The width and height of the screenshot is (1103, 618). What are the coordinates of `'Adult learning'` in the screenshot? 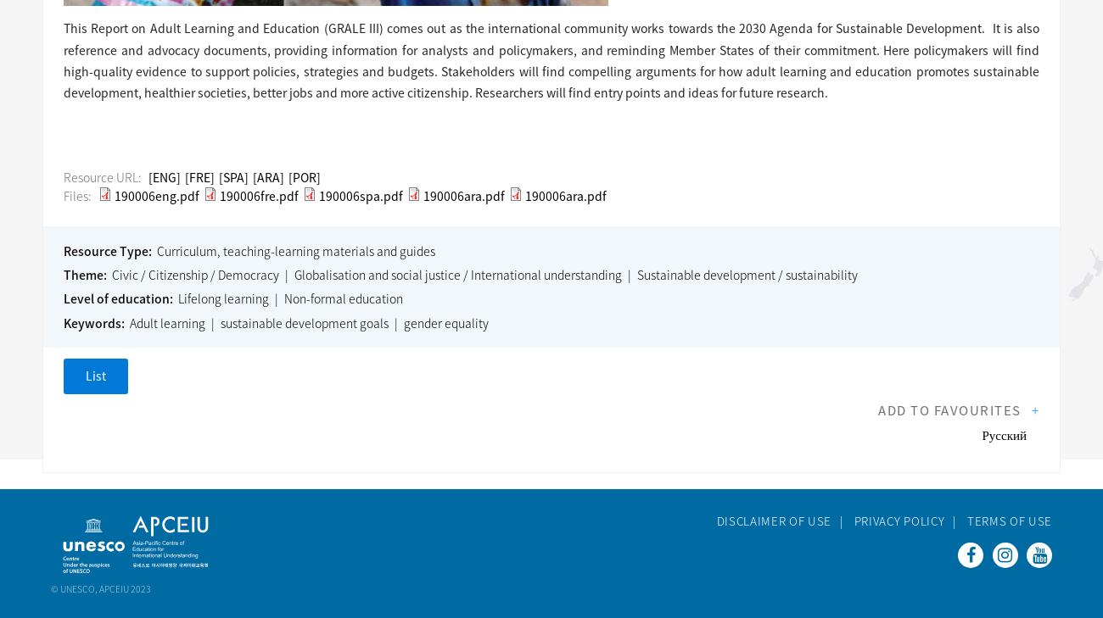 It's located at (166, 322).